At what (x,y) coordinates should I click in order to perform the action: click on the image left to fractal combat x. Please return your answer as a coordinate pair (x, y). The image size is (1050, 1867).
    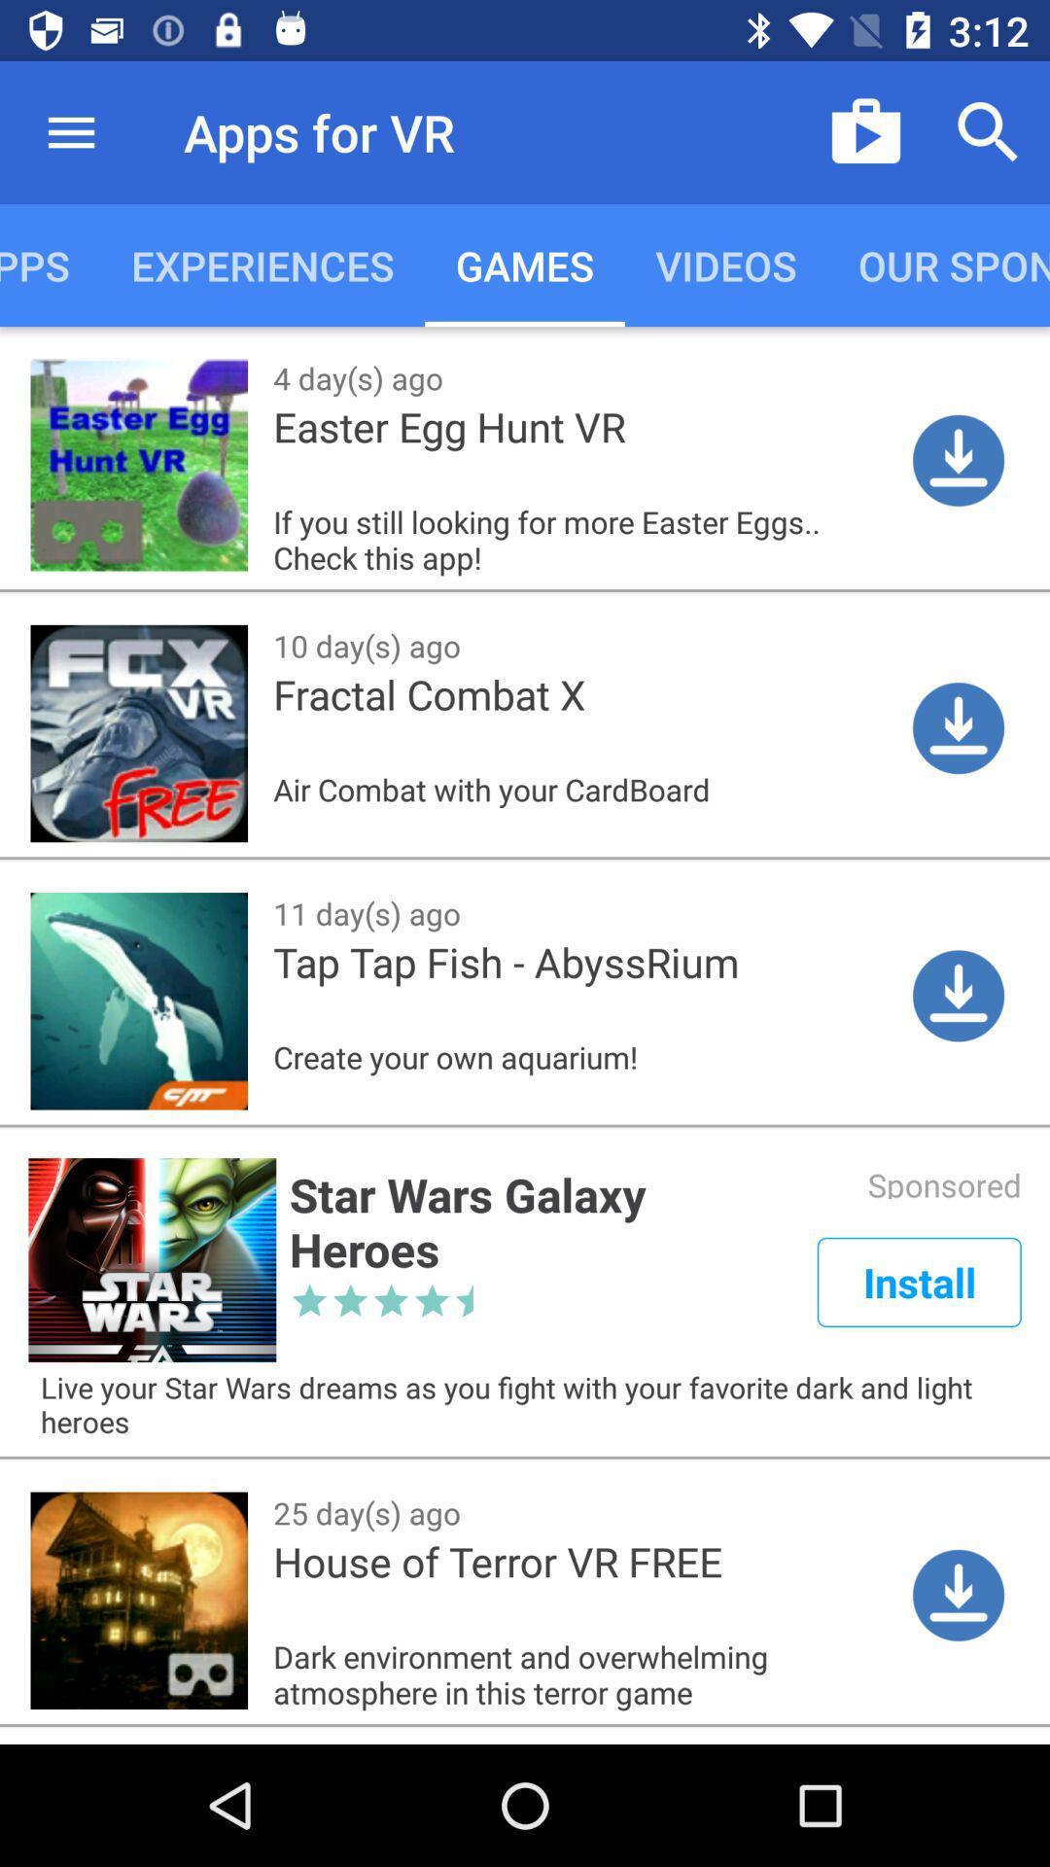
    Looking at the image, I should click on (138, 732).